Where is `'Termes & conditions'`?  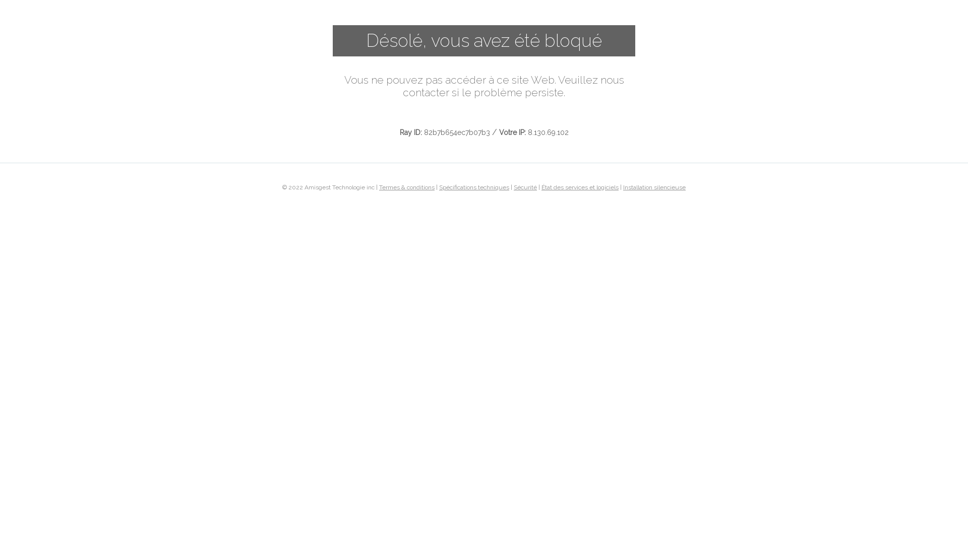 'Termes & conditions' is located at coordinates (406, 186).